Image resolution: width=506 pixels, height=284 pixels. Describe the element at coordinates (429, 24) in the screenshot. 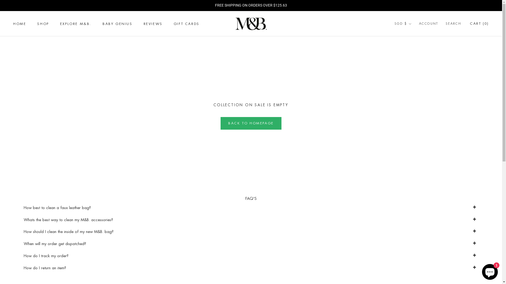

I see `'ACCOUNT'` at that location.